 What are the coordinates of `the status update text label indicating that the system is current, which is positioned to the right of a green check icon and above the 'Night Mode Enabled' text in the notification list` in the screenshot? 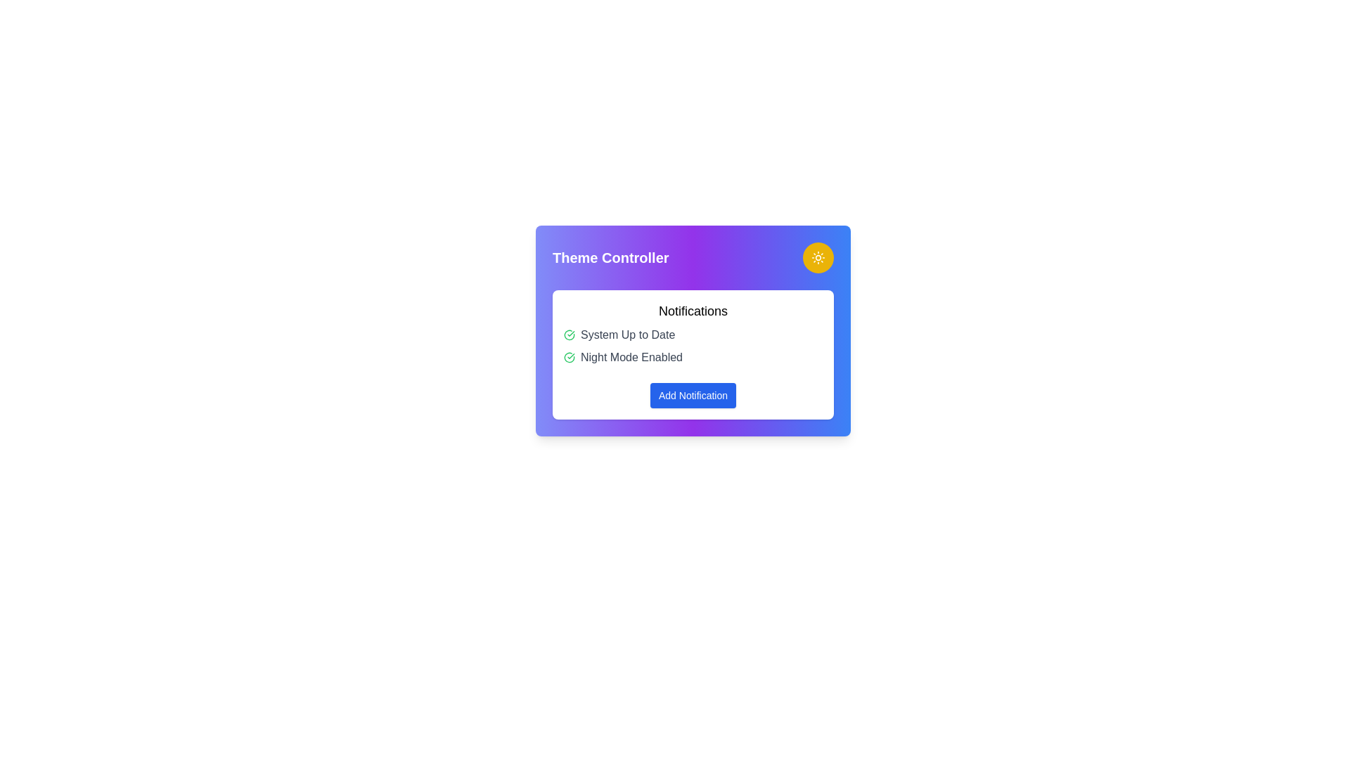 It's located at (627, 335).